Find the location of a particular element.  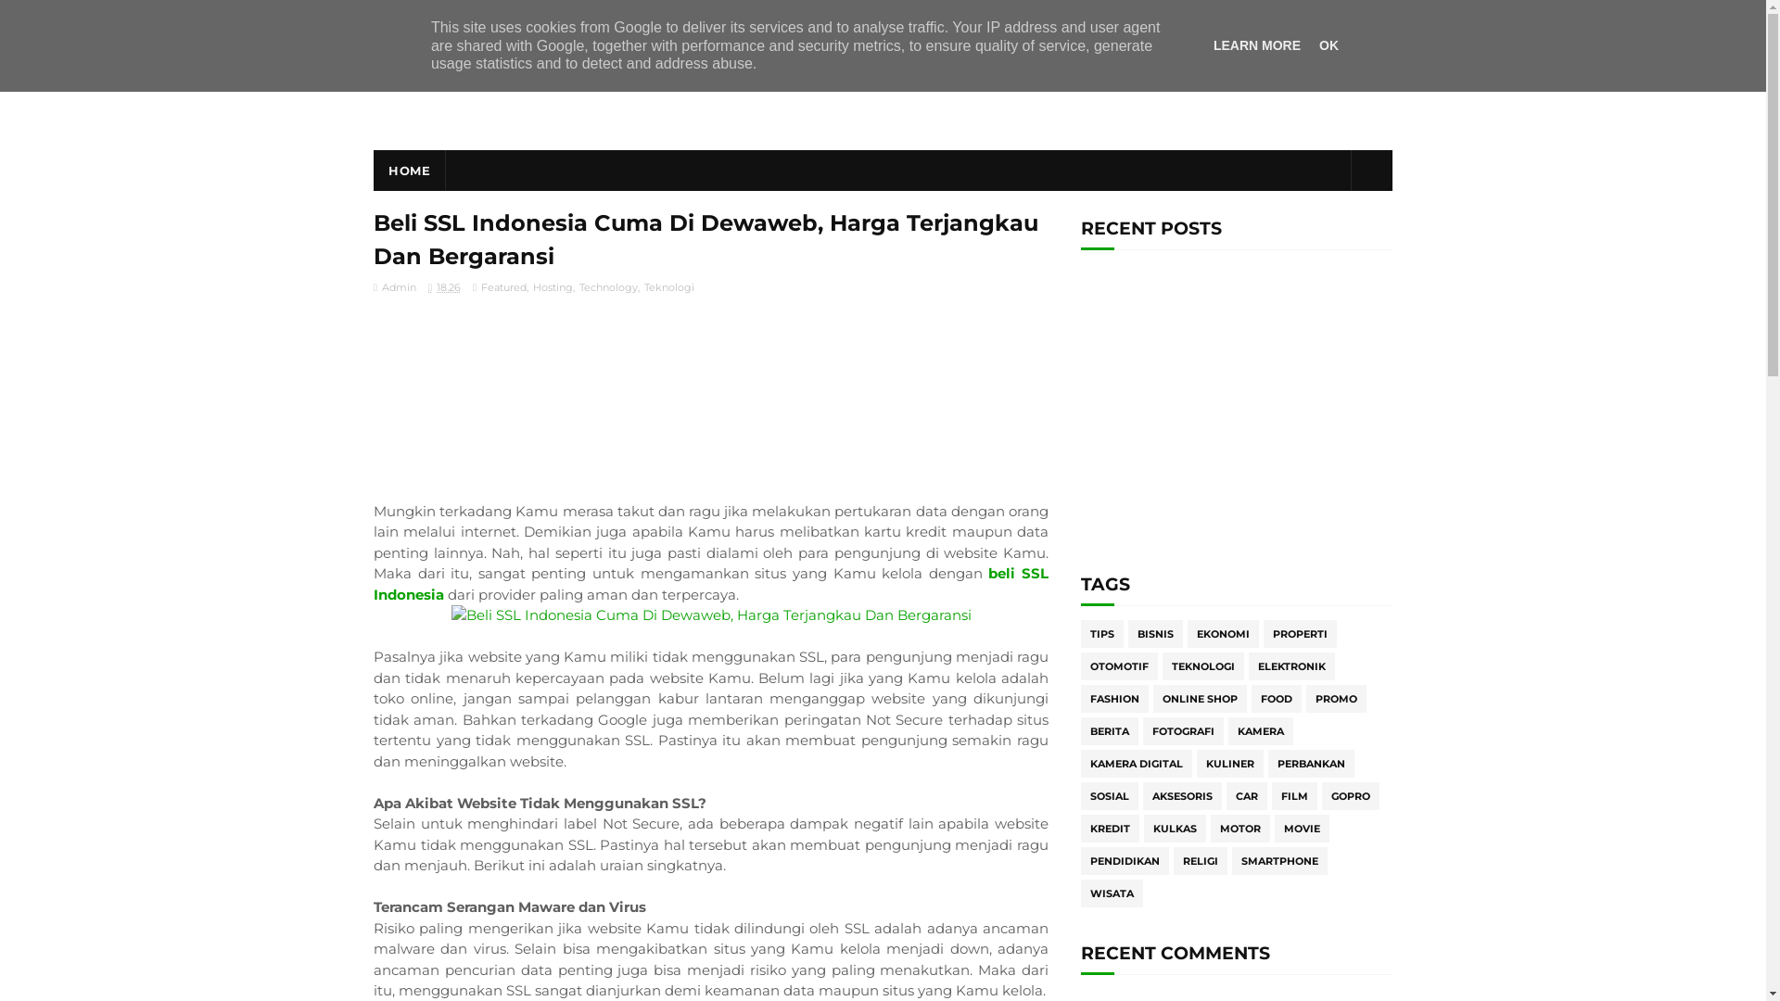

'MOTOR' is located at coordinates (1240, 828).